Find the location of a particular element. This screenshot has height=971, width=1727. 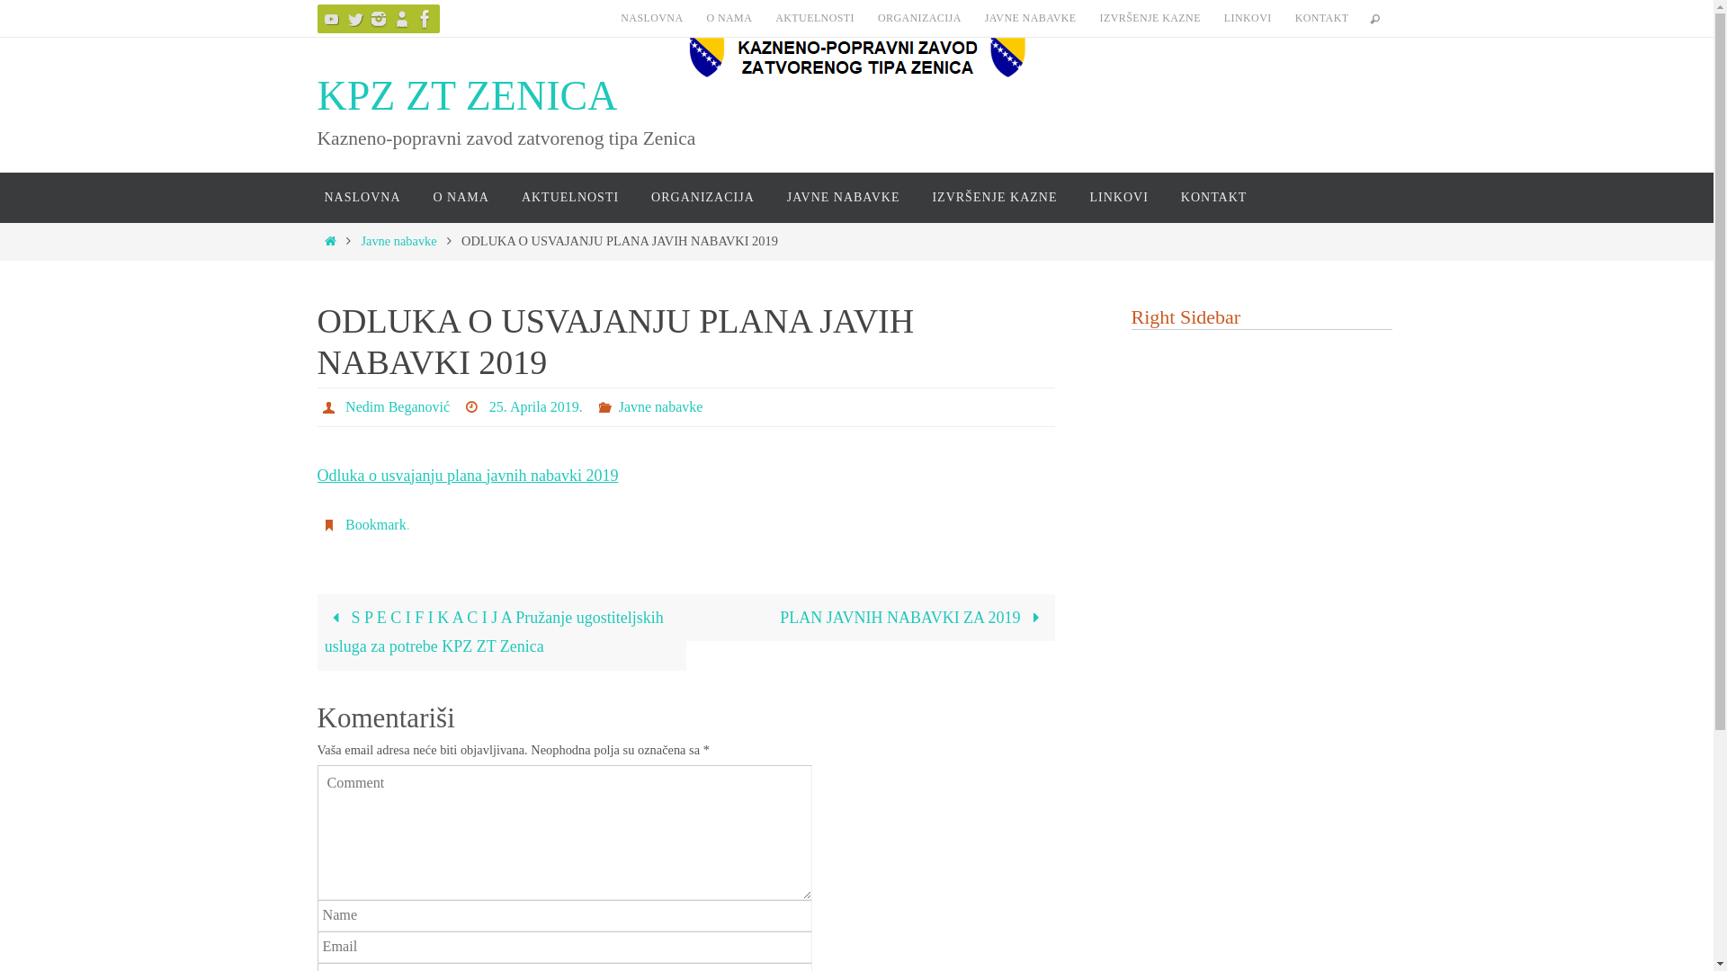

'KPZ ZT ZENICA' is located at coordinates (466, 96).